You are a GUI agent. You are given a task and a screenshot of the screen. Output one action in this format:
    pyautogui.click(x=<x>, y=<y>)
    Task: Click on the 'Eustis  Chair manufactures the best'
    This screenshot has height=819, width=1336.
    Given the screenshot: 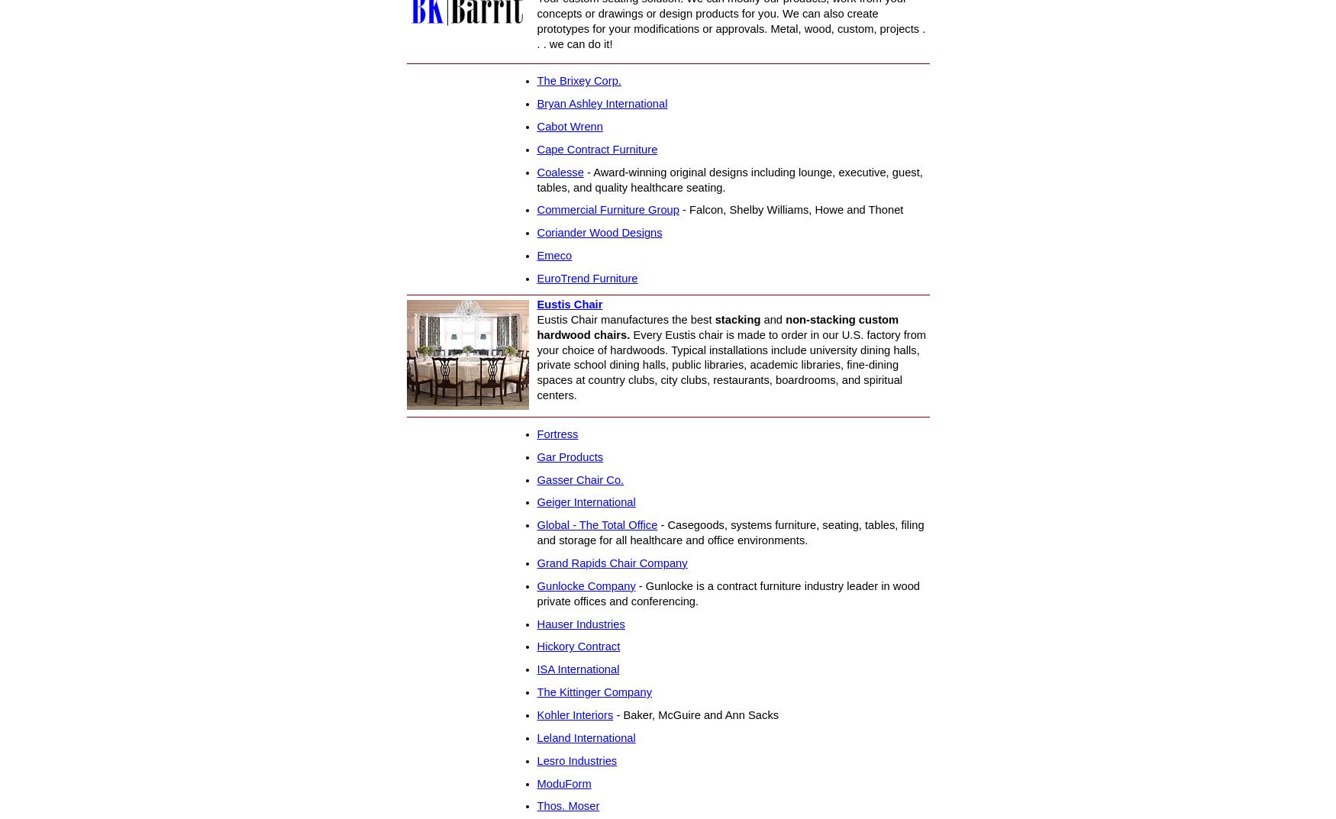 What is the action you would take?
    pyautogui.click(x=625, y=319)
    